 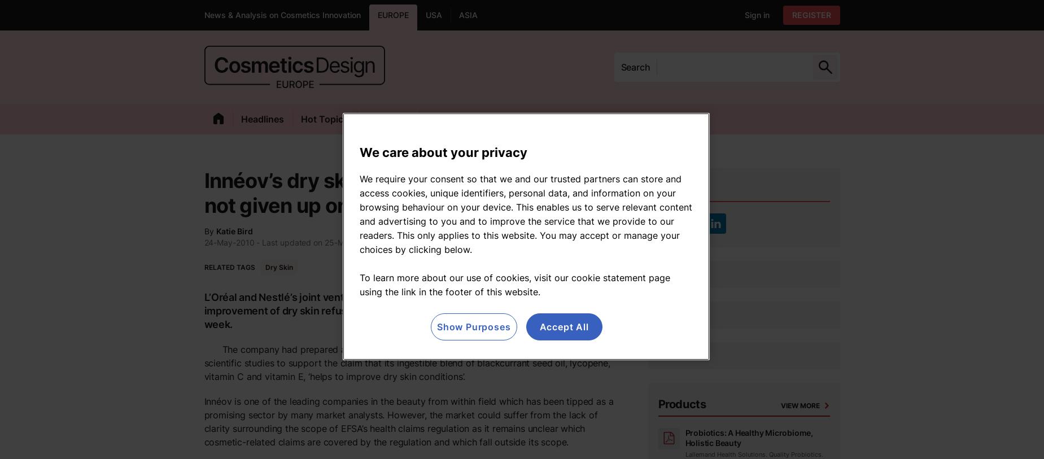 What do you see at coordinates (215, 231) in the screenshot?
I see `'Katie Bird'` at bounding box center [215, 231].